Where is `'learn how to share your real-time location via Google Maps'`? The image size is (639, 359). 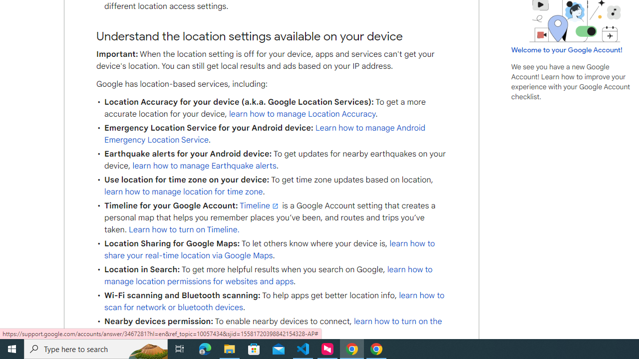 'learn how to share your real-time location via Google Maps' is located at coordinates (270, 249).